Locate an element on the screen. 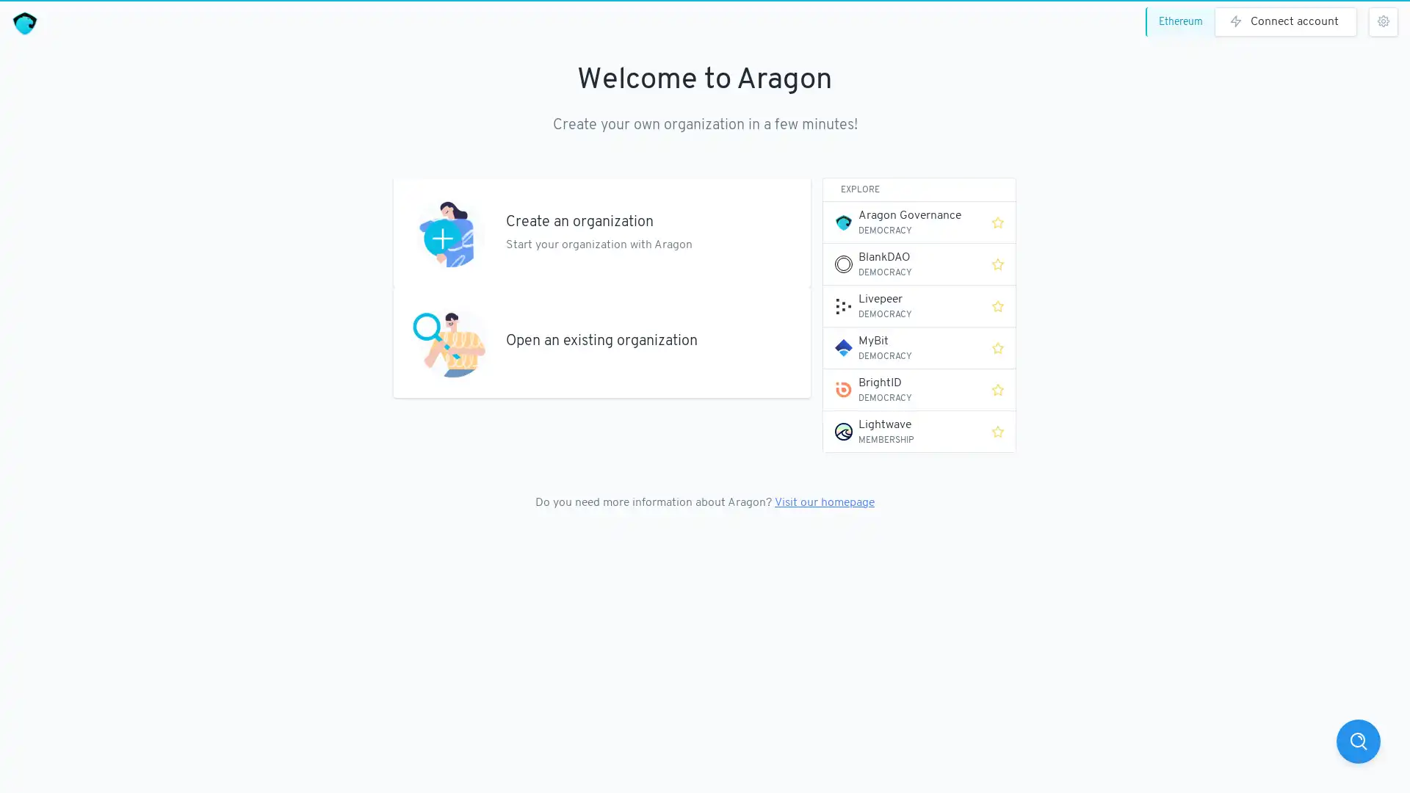 The height and width of the screenshot is (793, 1410). Open an existing organization is located at coordinates (602, 342).